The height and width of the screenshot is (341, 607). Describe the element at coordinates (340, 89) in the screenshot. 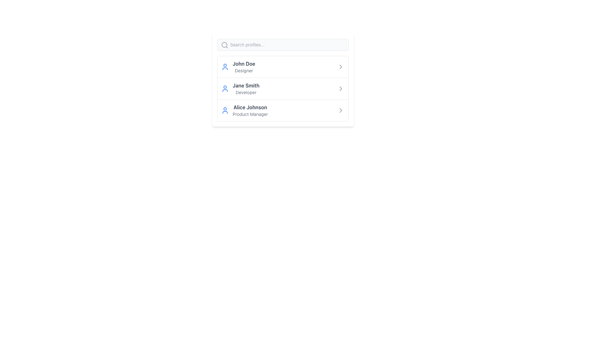

I see `the chevron-shaped SVG icon that points to the right, located at the far right side of the list item for the 'Jane Smith' profile` at that location.